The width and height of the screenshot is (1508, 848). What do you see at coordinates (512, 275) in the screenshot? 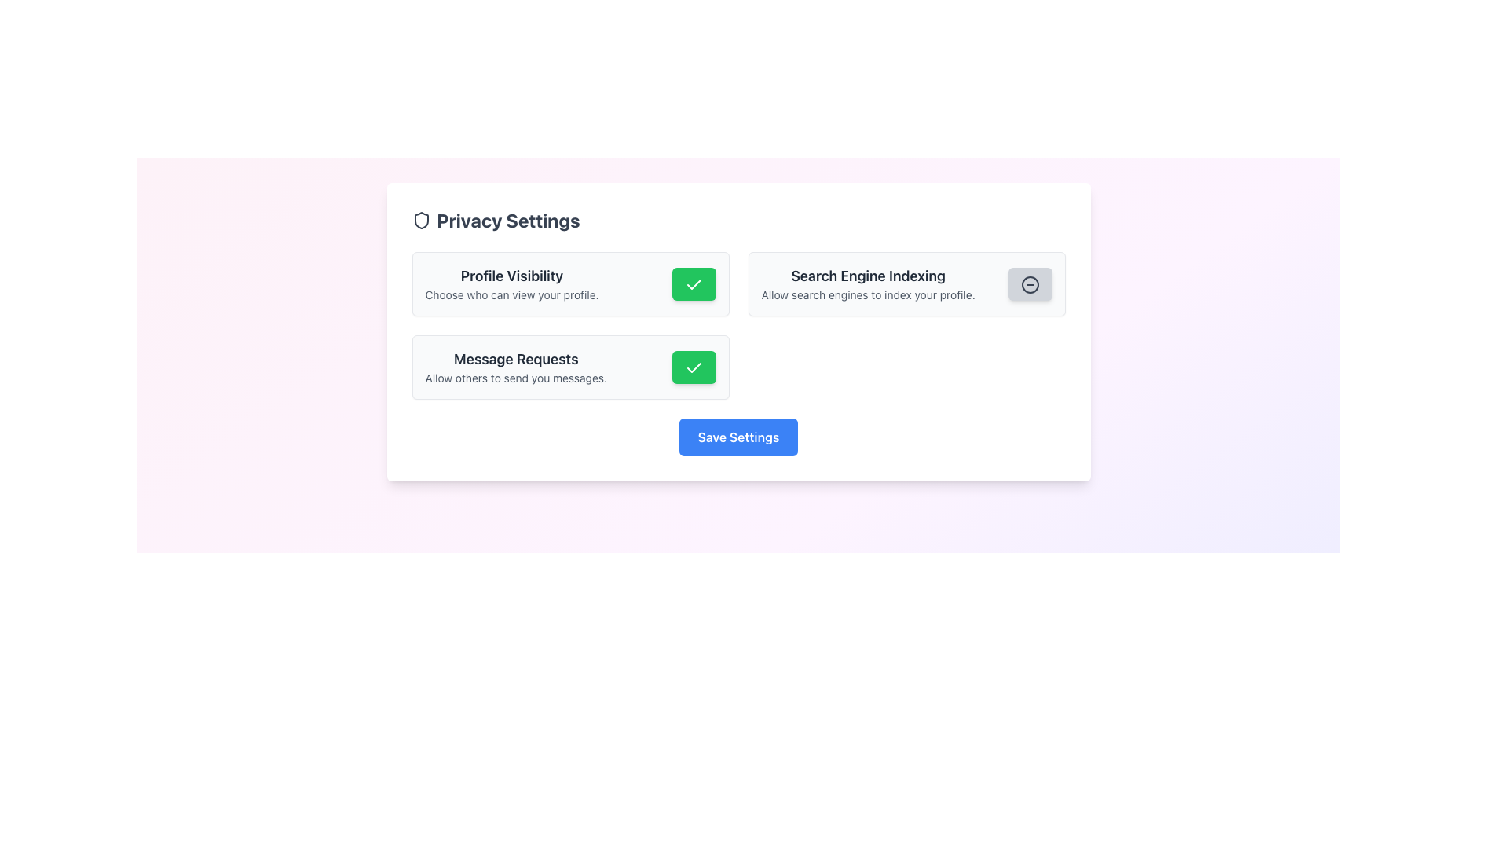
I see `the 'Profile Visibility' Text Label located in the top left portion of the 'Privacy Settings' section, which serves as a title indicating the subject of the settings` at bounding box center [512, 275].